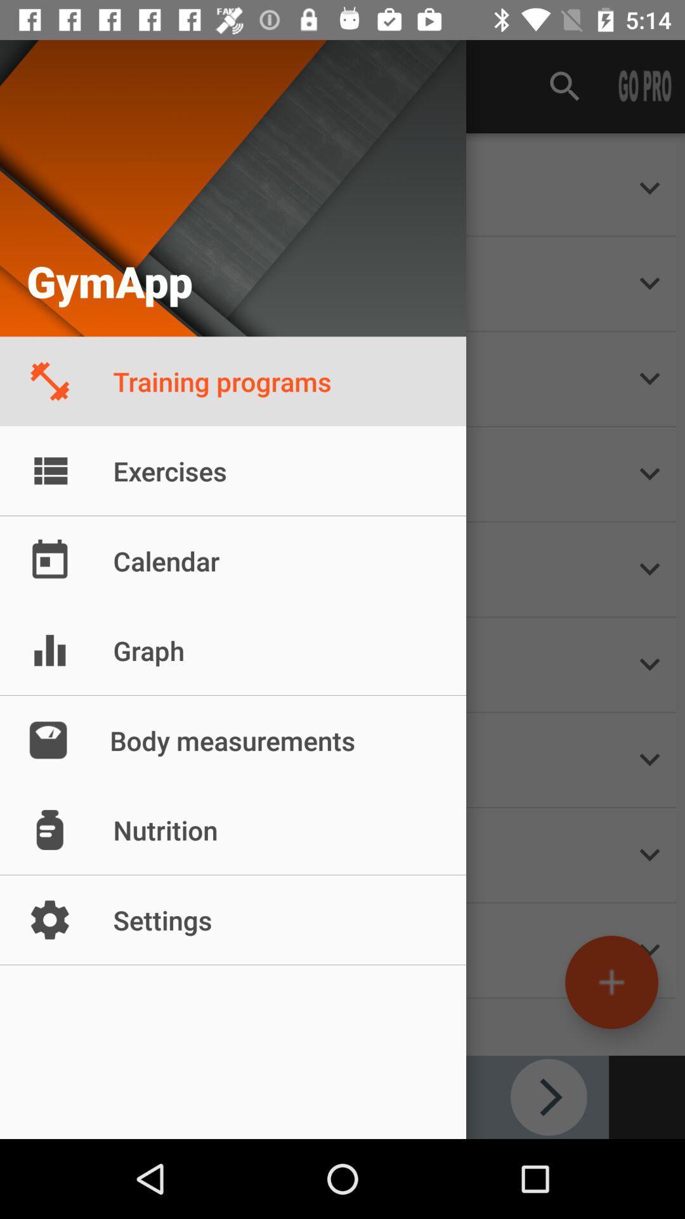 The height and width of the screenshot is (1219, 685). Describe the element at coordinates (611, 982) in the screenshot. I see `the add icon` at that location.